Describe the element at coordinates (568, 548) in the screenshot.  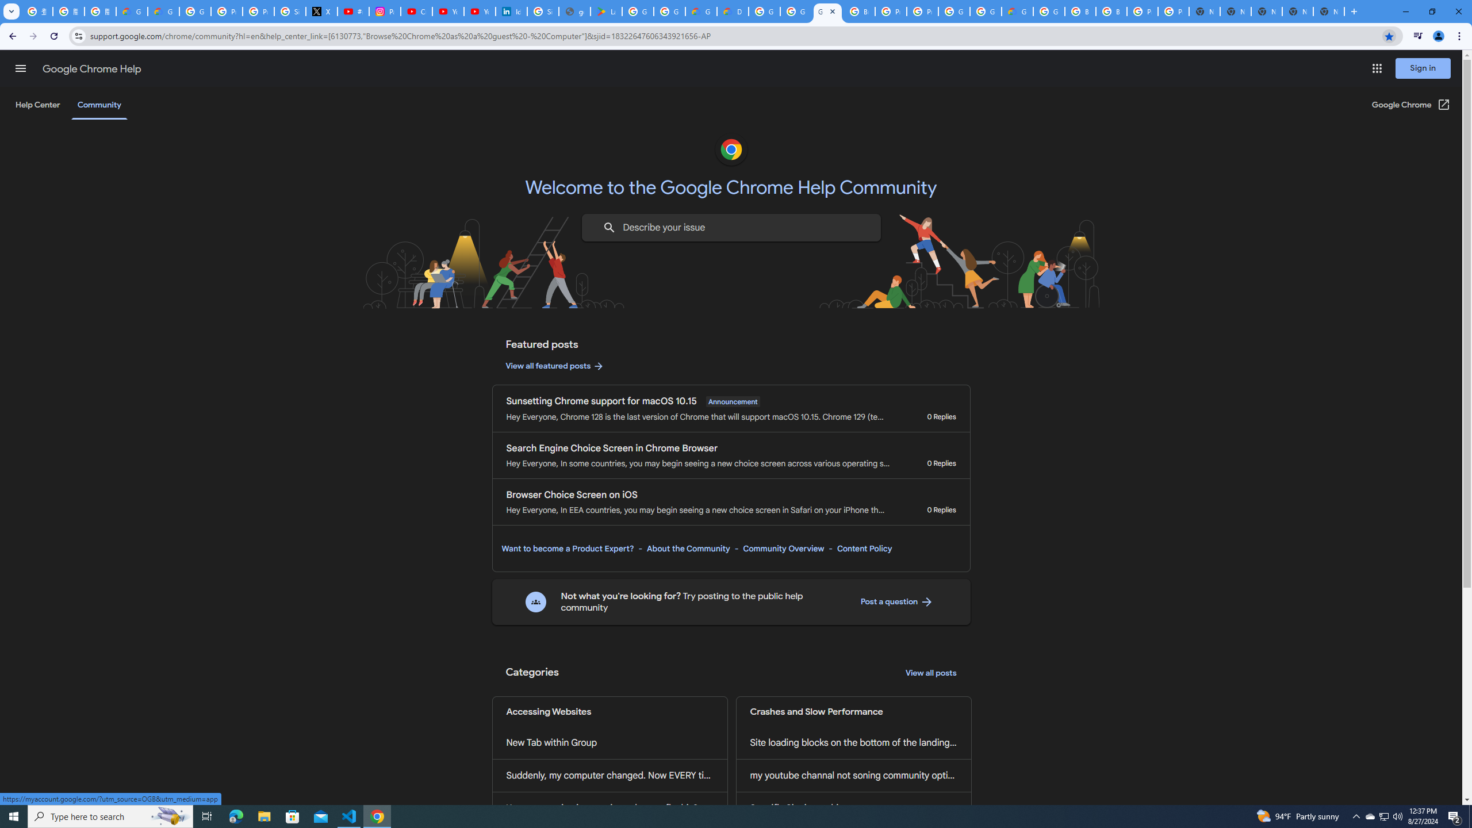
I see `'Want to become a Product Expert?'` at that location.